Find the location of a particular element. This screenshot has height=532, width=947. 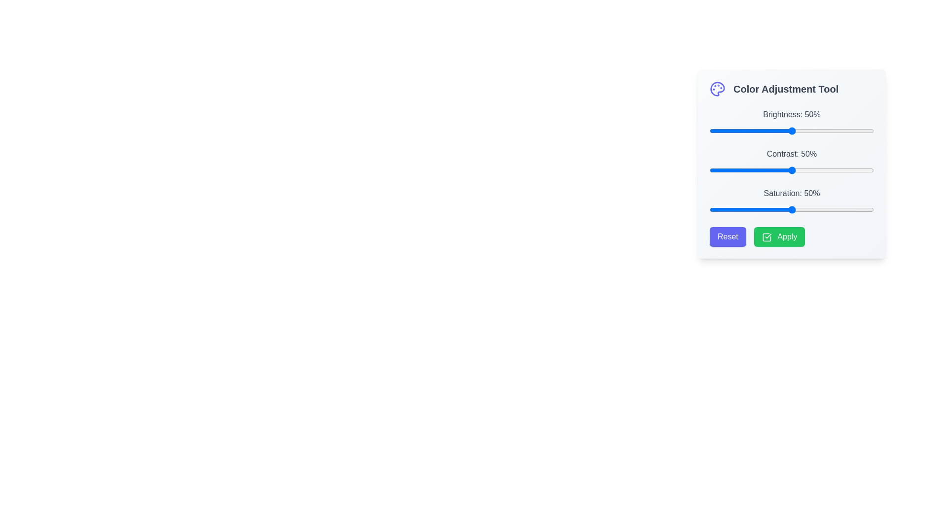

the slider is located at coordinates (795, 209).